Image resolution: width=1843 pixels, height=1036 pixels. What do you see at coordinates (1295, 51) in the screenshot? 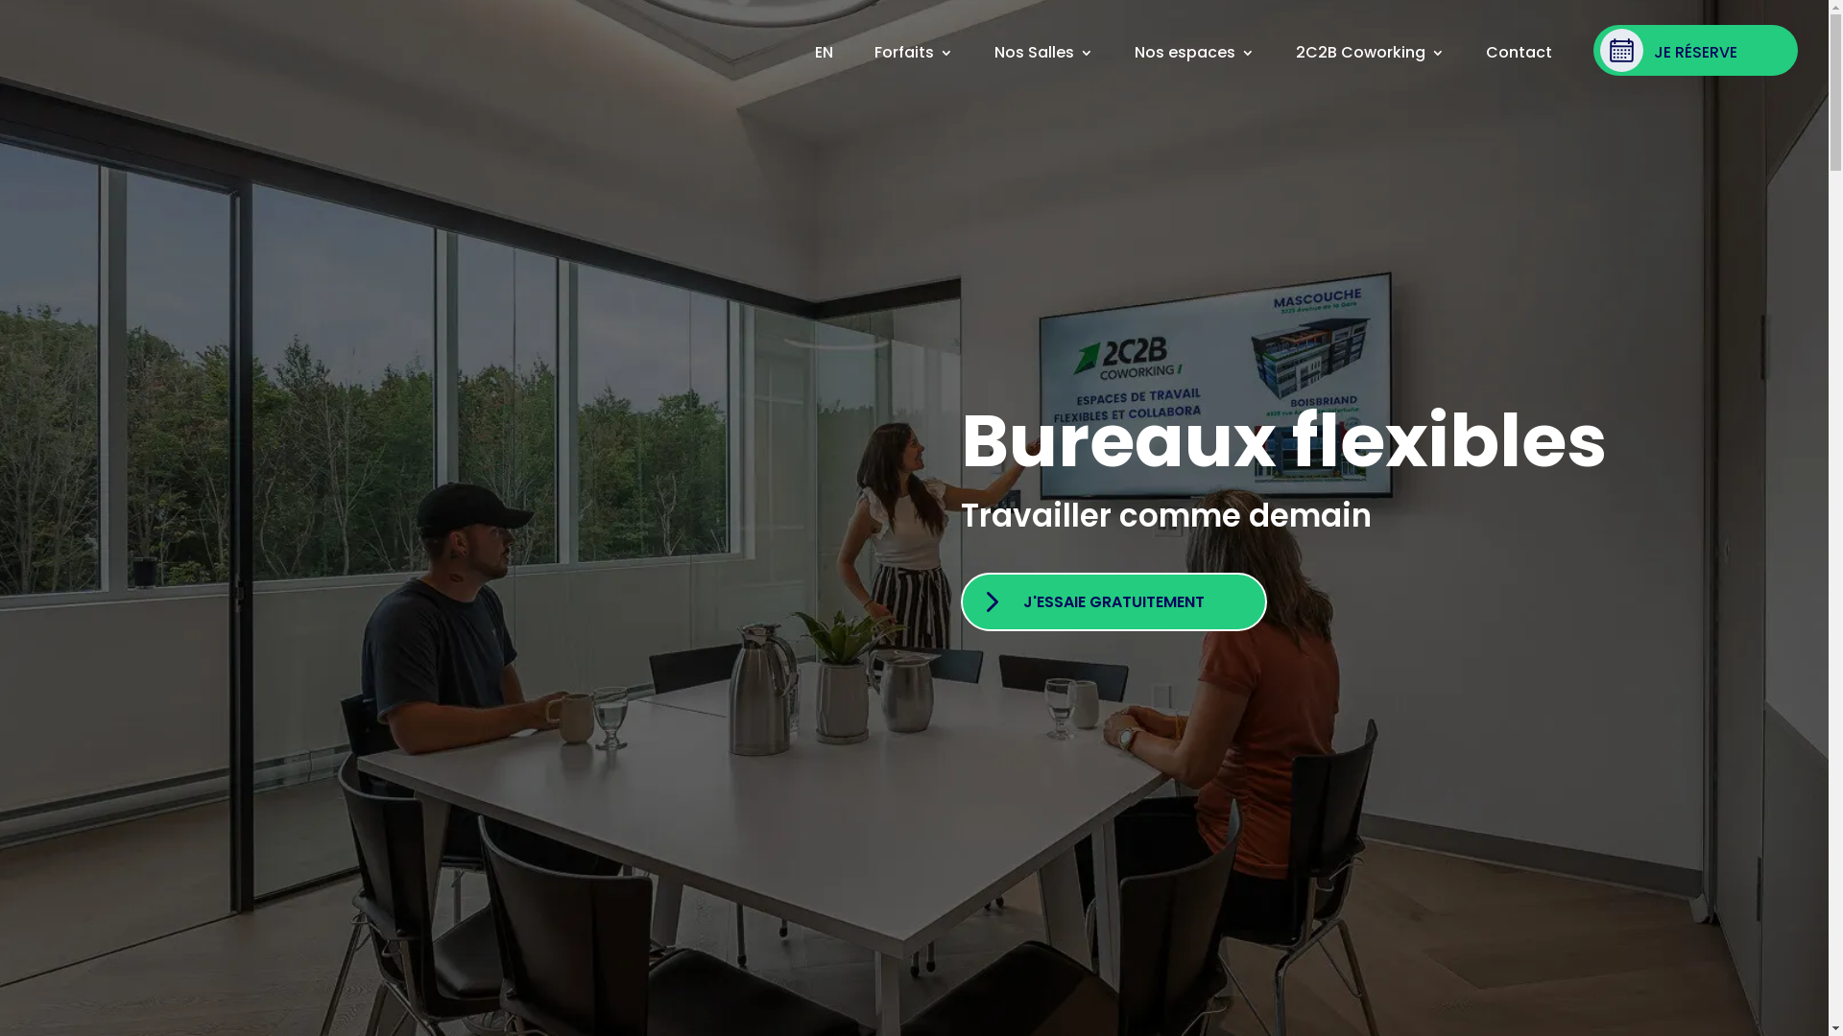
I see `'2C2B Coworking'` at bounding box center [1295, 51].